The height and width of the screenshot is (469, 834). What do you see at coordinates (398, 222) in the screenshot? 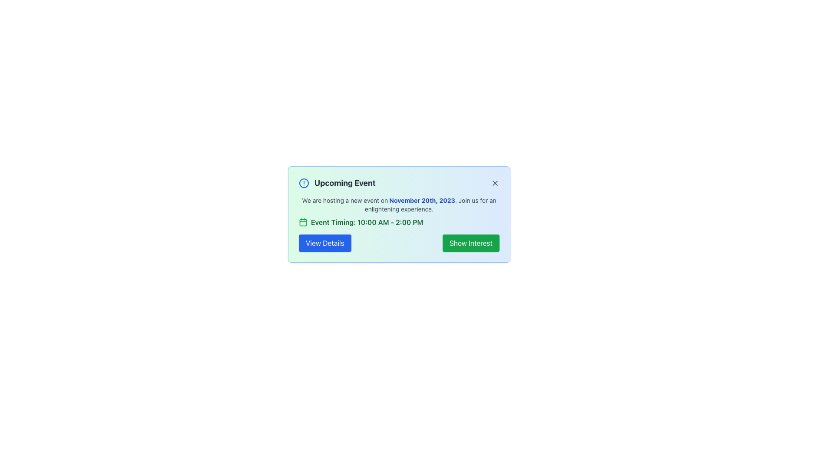
I see `the informational label displaying 'Event Timing: 10:00 AM - 2:00 PM' with a calendar icon, located at the bottom of the textual content area` at bounding box center [398, 222].